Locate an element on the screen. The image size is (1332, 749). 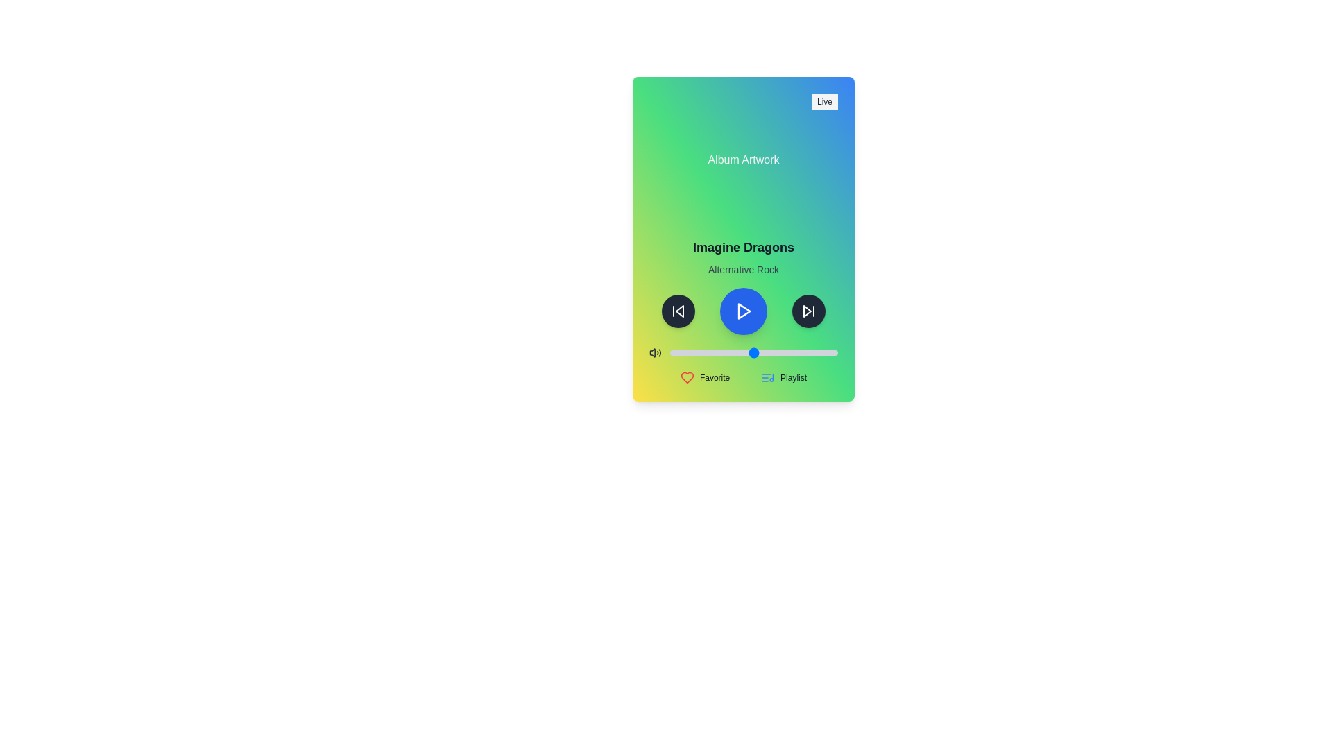
the leftmost circular button with a dark gray background and a white 'skip back' icon to skip back to the previous track is located at coordinates (678, 310).